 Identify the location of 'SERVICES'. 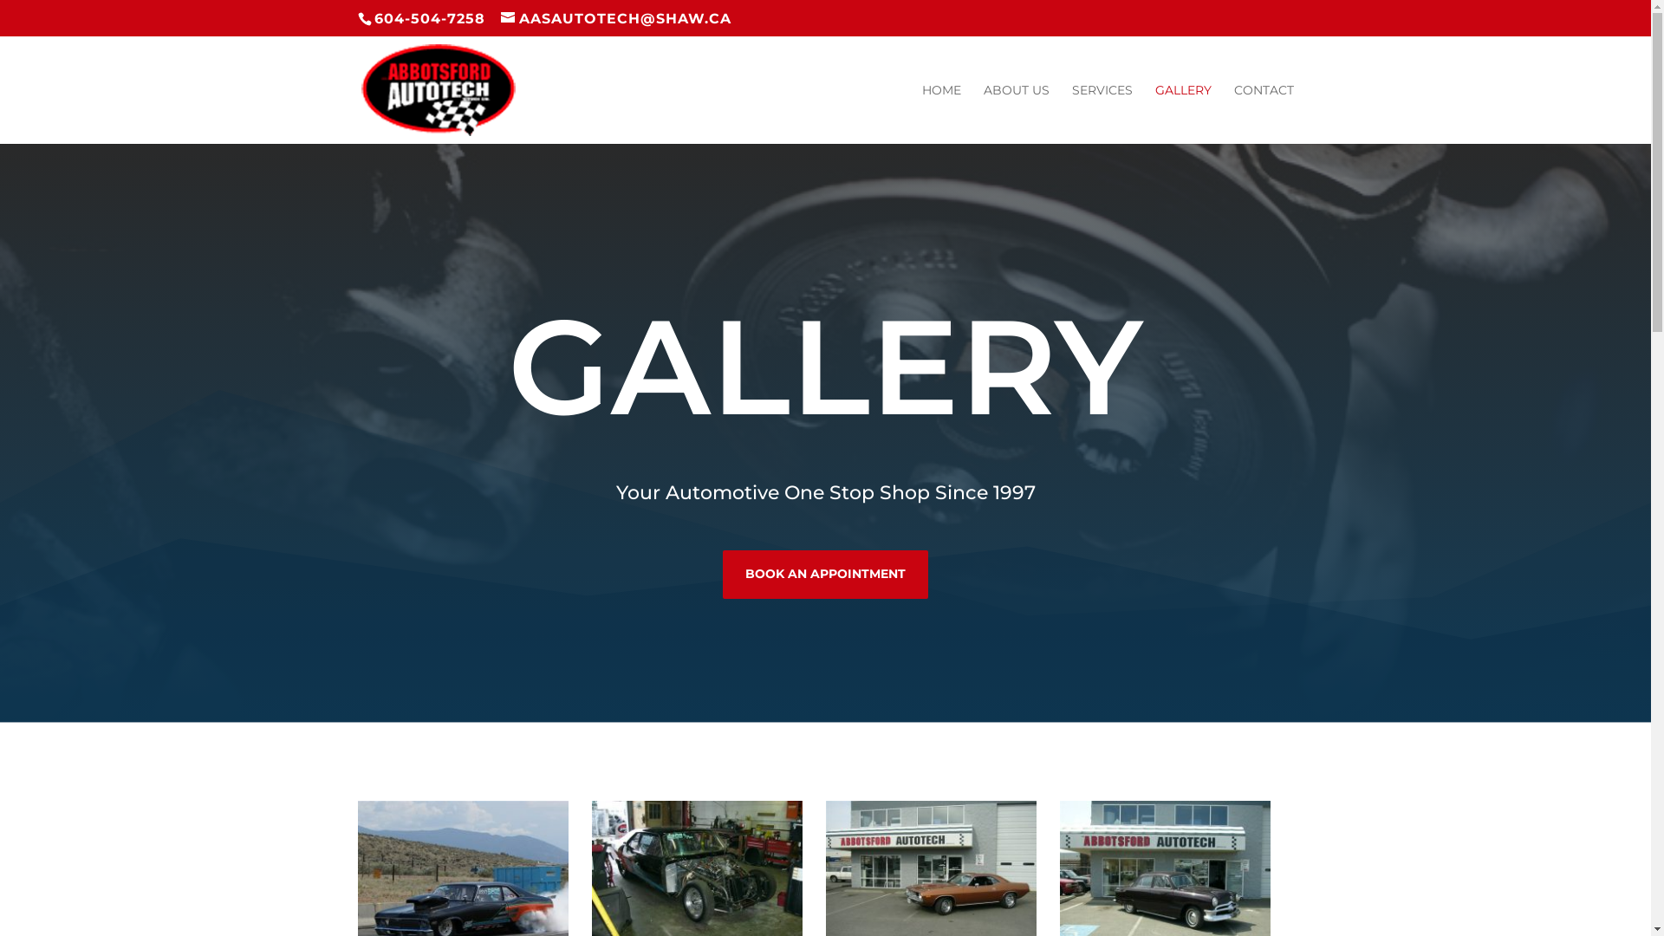
(1101, 114).